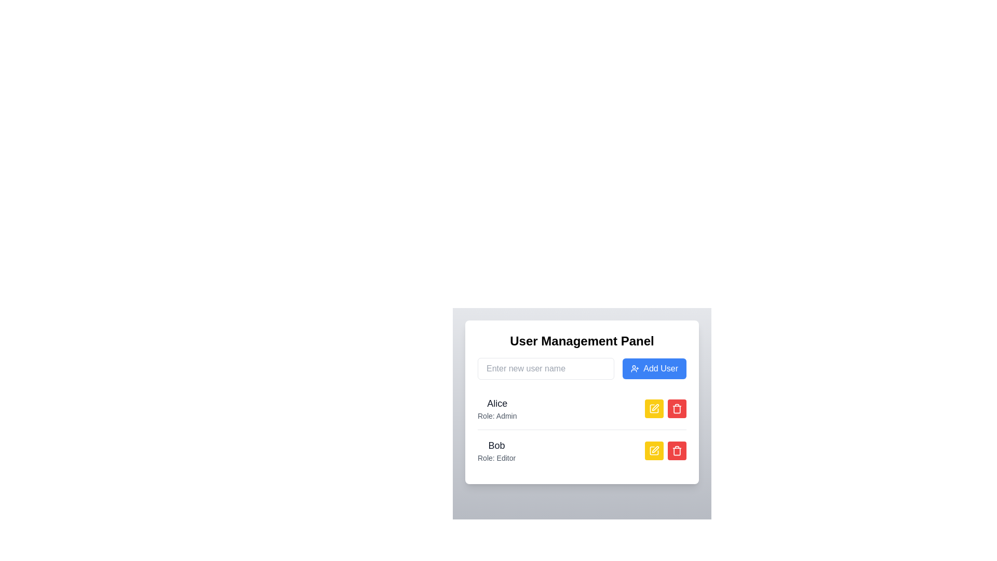 The image size is (997, 561). What do you see at coordinates (582, 341) in the screenshot?
I see `the section title text located at the top of the 'User Management Panel' interface, which indicates the purpose and context of the interface` at bounding box center [582, 341].